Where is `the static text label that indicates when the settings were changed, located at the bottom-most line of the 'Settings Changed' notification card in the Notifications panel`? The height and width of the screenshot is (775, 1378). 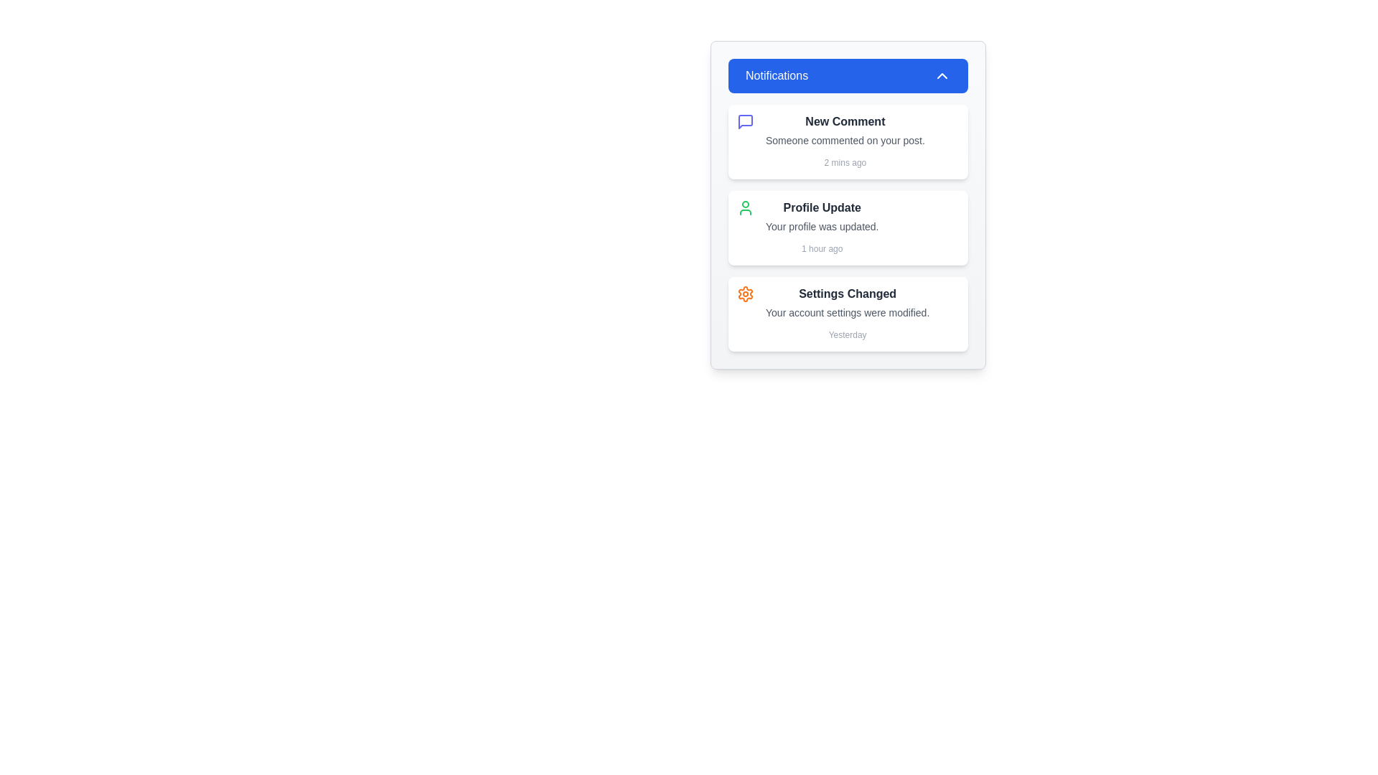
the static text label that indicates when the settings were changed, located at the bottom-most line of the 'Settings Changed' notification card in the Notifications panel is located at coordinates (848, 334).